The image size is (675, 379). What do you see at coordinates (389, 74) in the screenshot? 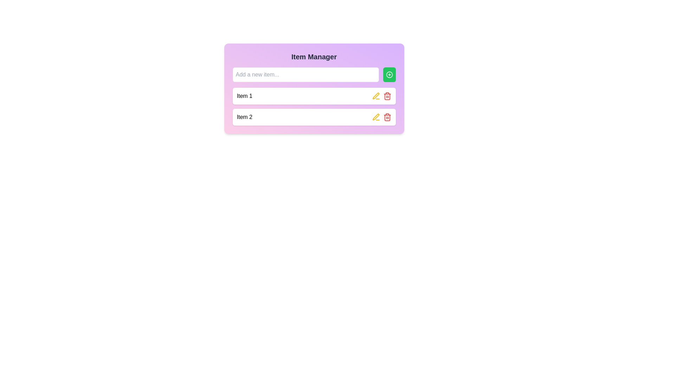
I see `the action button` at bounding box center [389, 74].